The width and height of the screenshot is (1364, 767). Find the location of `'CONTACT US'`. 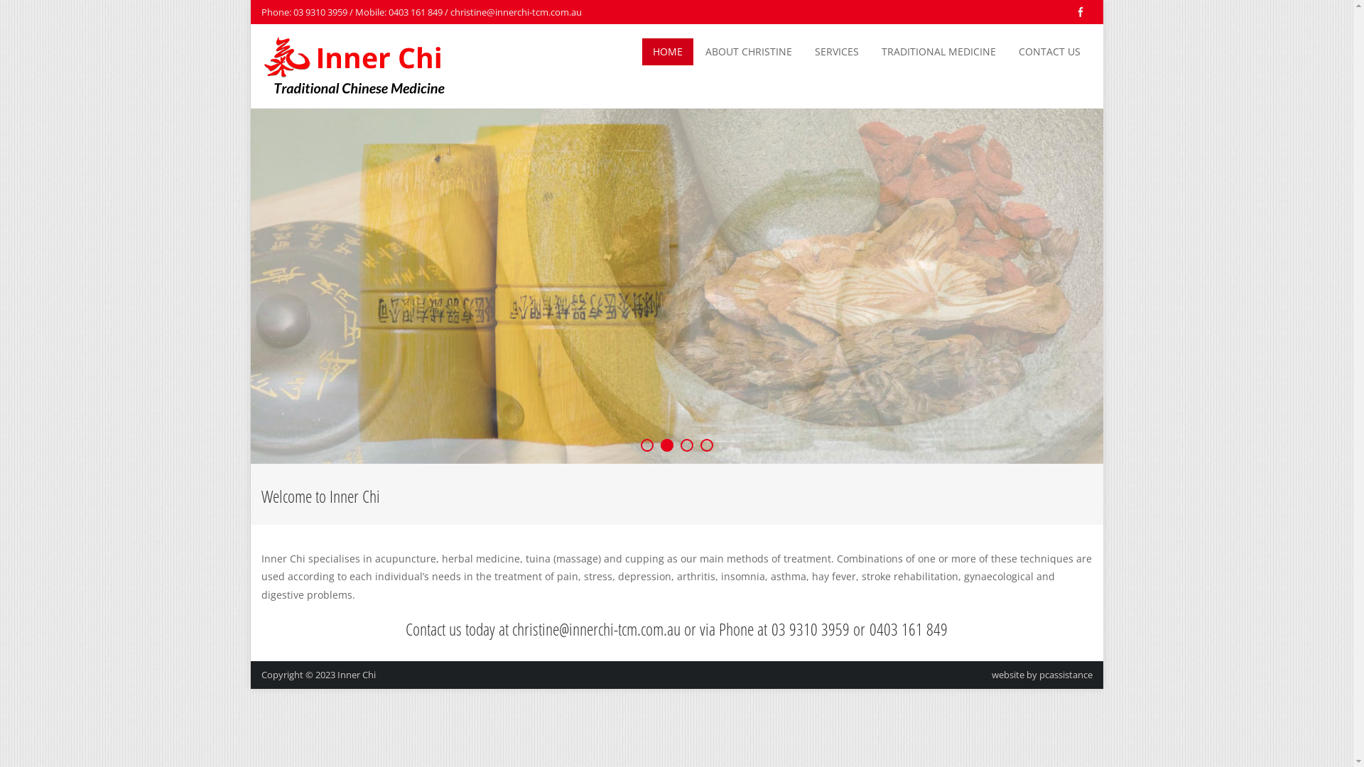

'CONTACT US' is located at coordinates (1049, 51).